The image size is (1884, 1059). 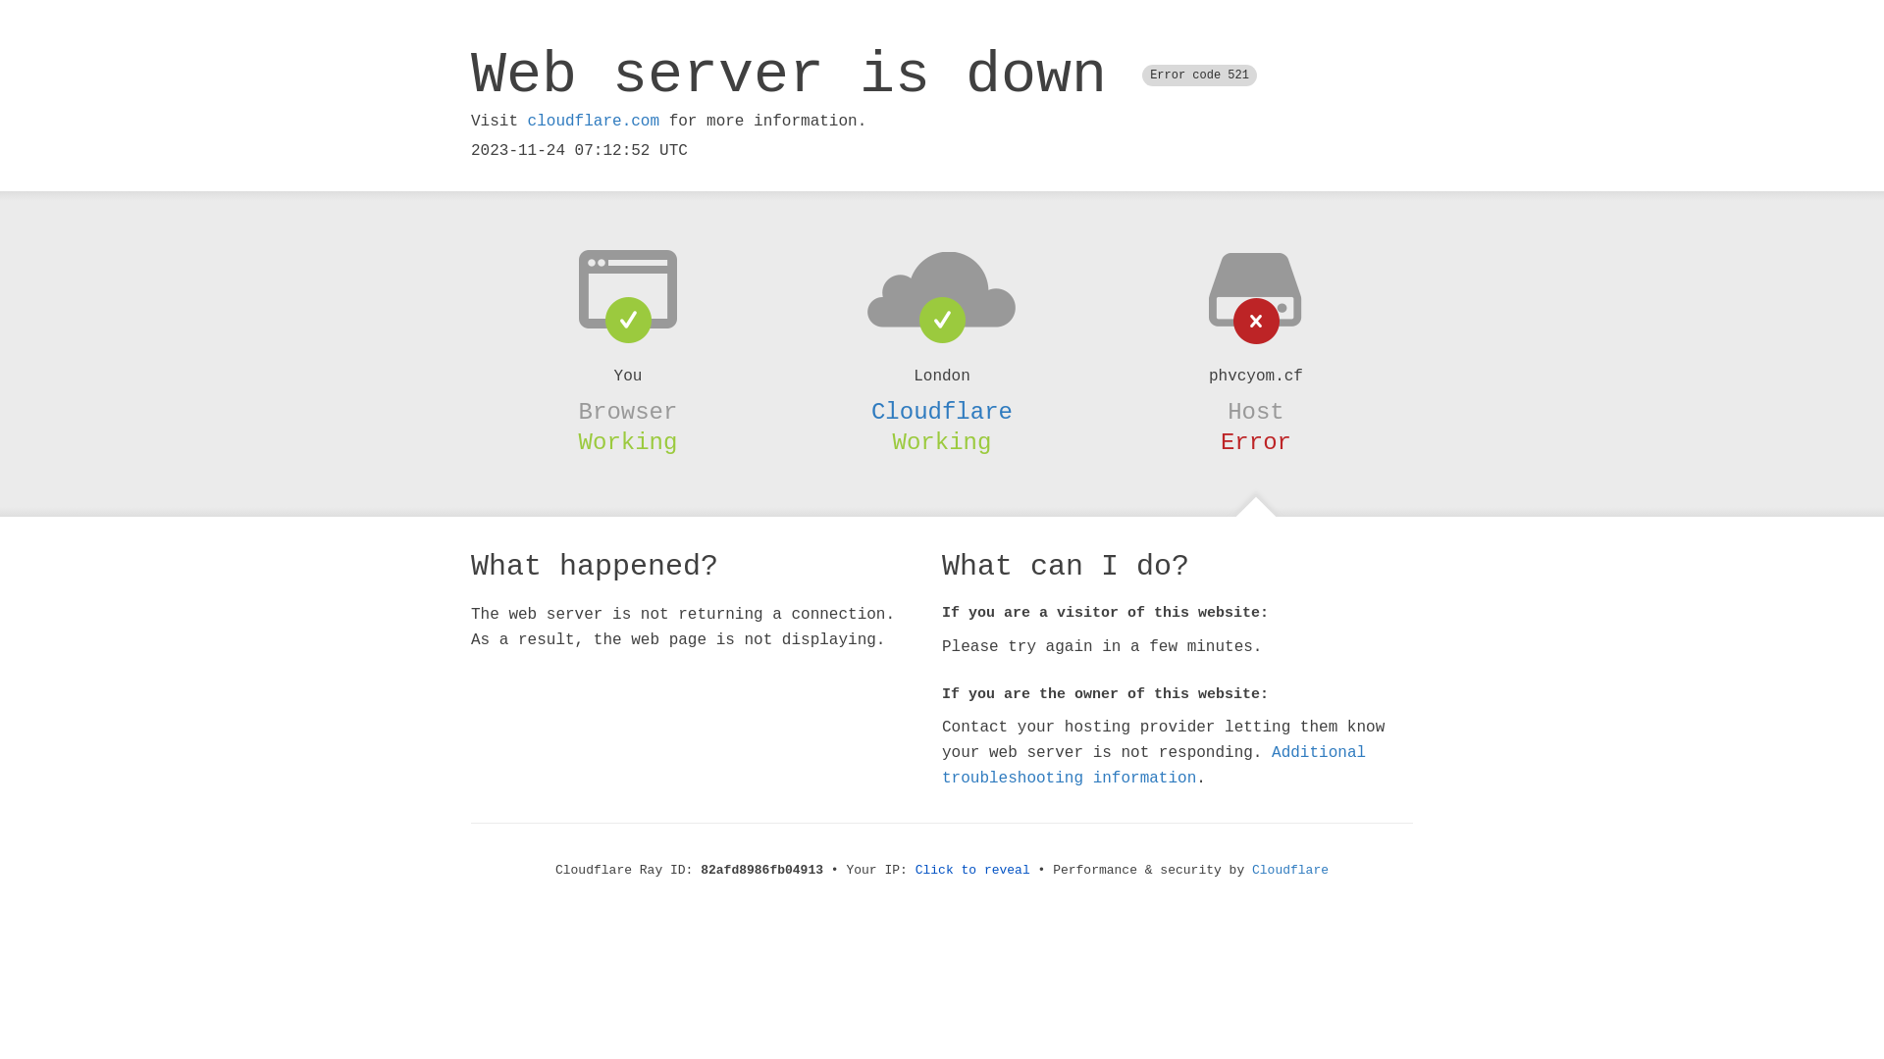 I want to click on 'Additional troubleshooting information', so click(x=1154, y=764).